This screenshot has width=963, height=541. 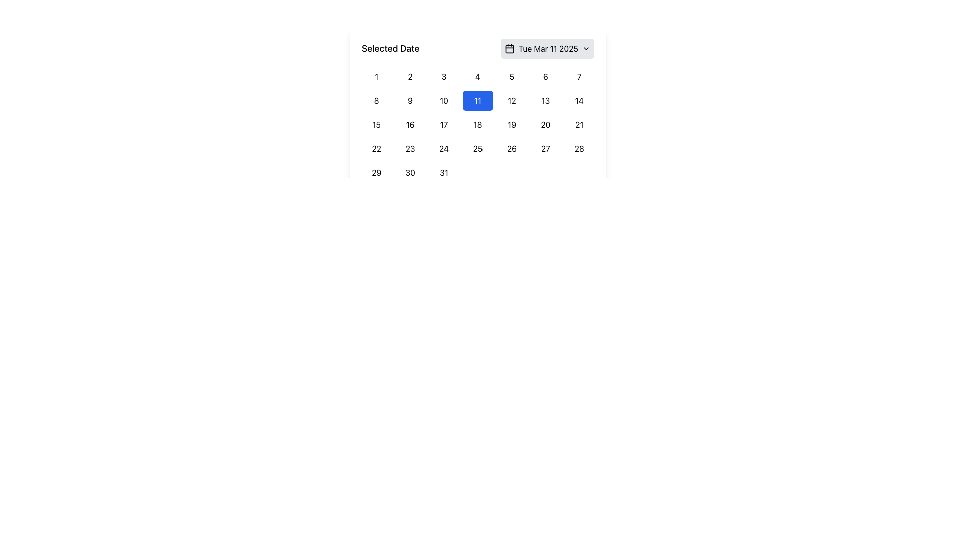 What do you see at coordinates (477, 76) in the screenshot?
I see `the calendar date button displaying the text '4'` at bounding box center [477, 76].